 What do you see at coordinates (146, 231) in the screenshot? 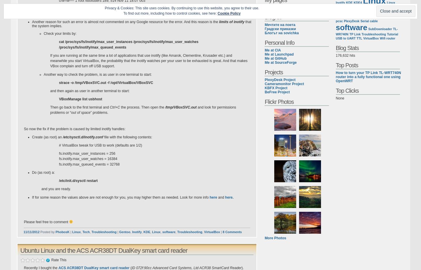
I see `'KDE'` at bounding box center [146, 231].